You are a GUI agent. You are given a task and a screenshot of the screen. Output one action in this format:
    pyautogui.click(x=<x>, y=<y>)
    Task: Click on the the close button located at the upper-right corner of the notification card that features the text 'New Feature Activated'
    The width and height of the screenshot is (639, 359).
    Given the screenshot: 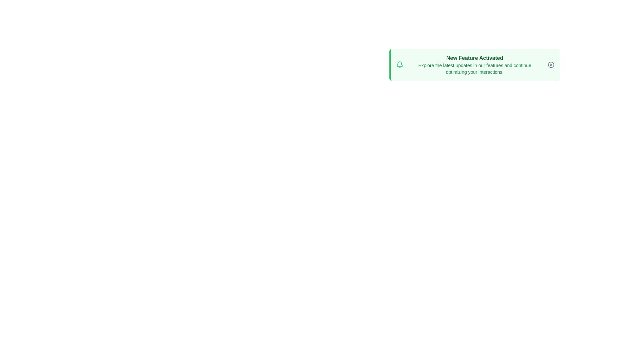 What is the action you would take?
    pyautogui.click(x=551, y=65)
    